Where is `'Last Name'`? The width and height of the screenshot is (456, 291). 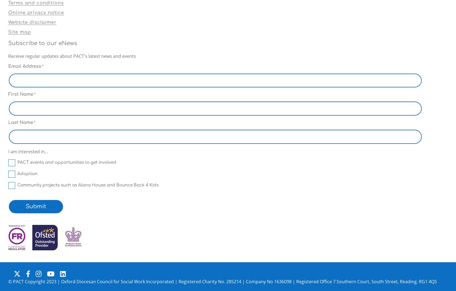 'Last Name' is located at coordinates (21, 122).